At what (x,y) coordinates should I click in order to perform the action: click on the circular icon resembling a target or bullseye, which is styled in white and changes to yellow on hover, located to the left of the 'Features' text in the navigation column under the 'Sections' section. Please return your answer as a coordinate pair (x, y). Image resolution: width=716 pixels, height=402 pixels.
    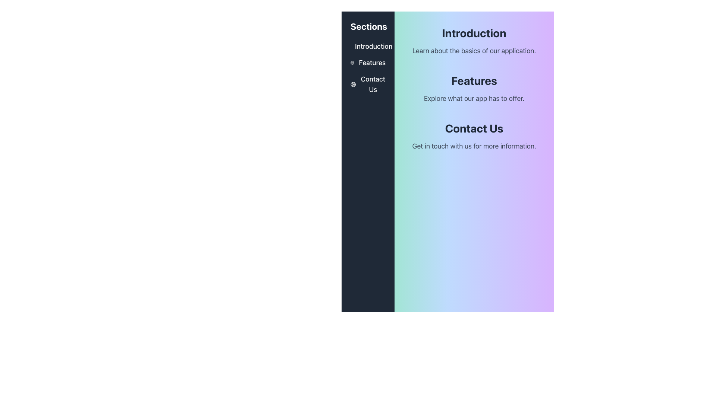
    Looking at the image, I should click on (352, 63).